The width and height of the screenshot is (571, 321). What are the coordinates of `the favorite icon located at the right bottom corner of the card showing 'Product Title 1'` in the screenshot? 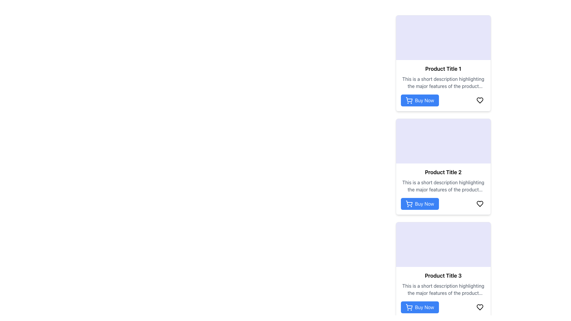 It's located at (480, 100).